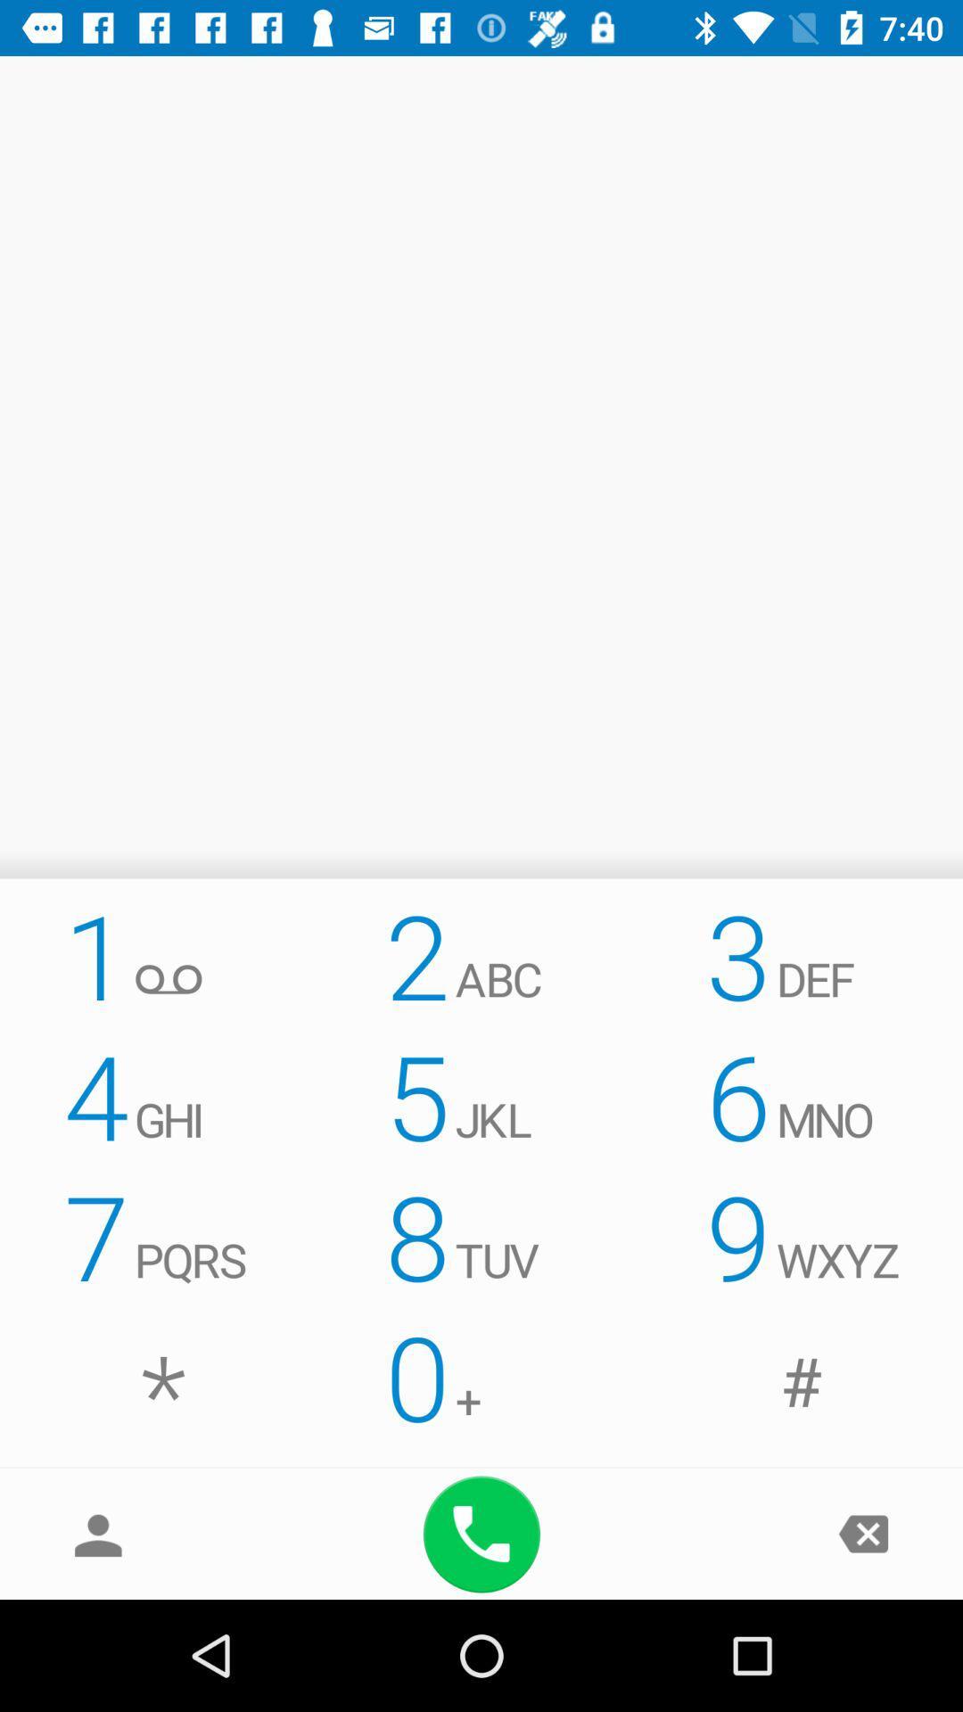  Describe the element at coordinates (98, 1533) in the screenshot. I see `the avatar icon` at that location.